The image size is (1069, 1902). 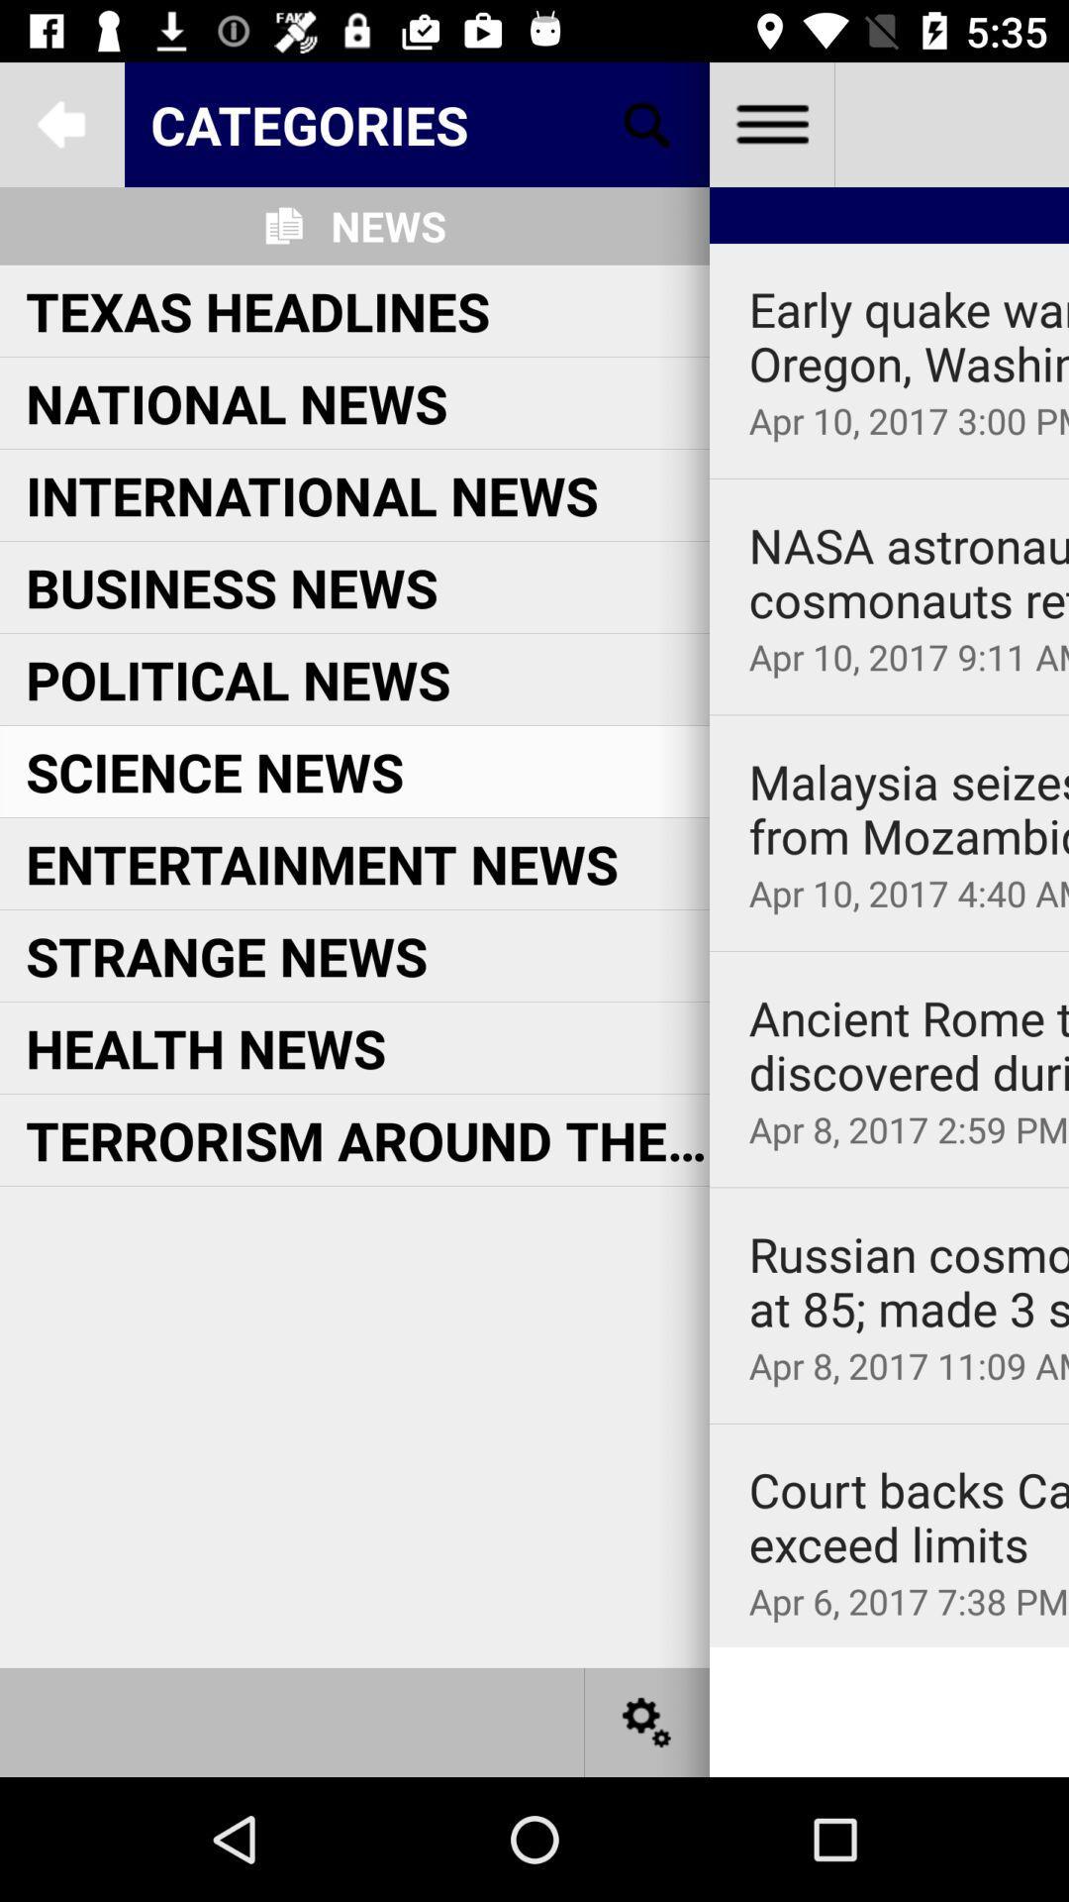 What do you see at coordinates (888, 713) in the screenshot?
I see `icon below apr 10 2017 item` at bounding box center [888, 713].